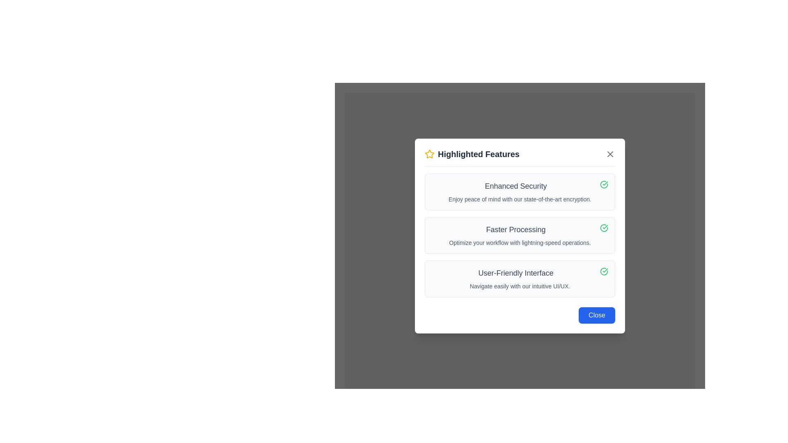 The height and width of the screenshot is (443, 788). Describe the element at coordinates (520, 278) in the screenshot. I see `text from the informational card labeled 'User-Friendly Interface', which is positioned below 'Faster Processing' and above the 'Close' button in the modal layout` at that location.